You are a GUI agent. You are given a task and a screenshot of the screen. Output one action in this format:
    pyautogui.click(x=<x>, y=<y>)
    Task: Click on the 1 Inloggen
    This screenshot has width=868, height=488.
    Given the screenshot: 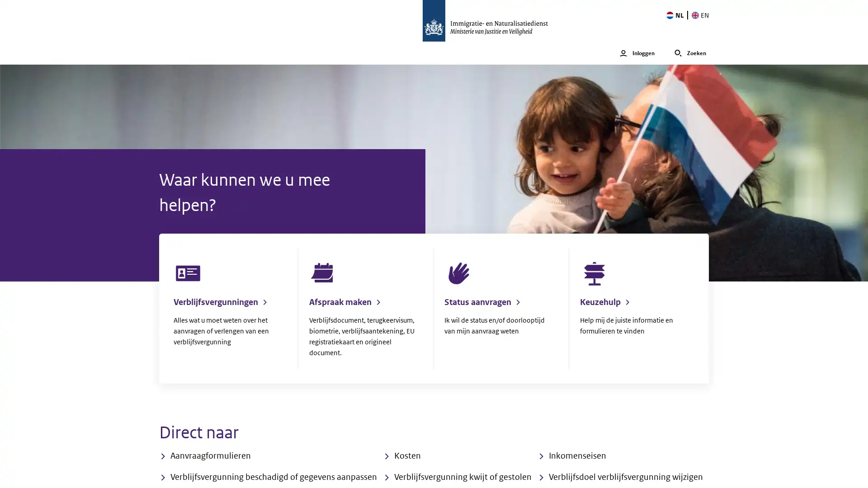 What is the action you would take?
    pyautogui.click(x=637, y=53)
    